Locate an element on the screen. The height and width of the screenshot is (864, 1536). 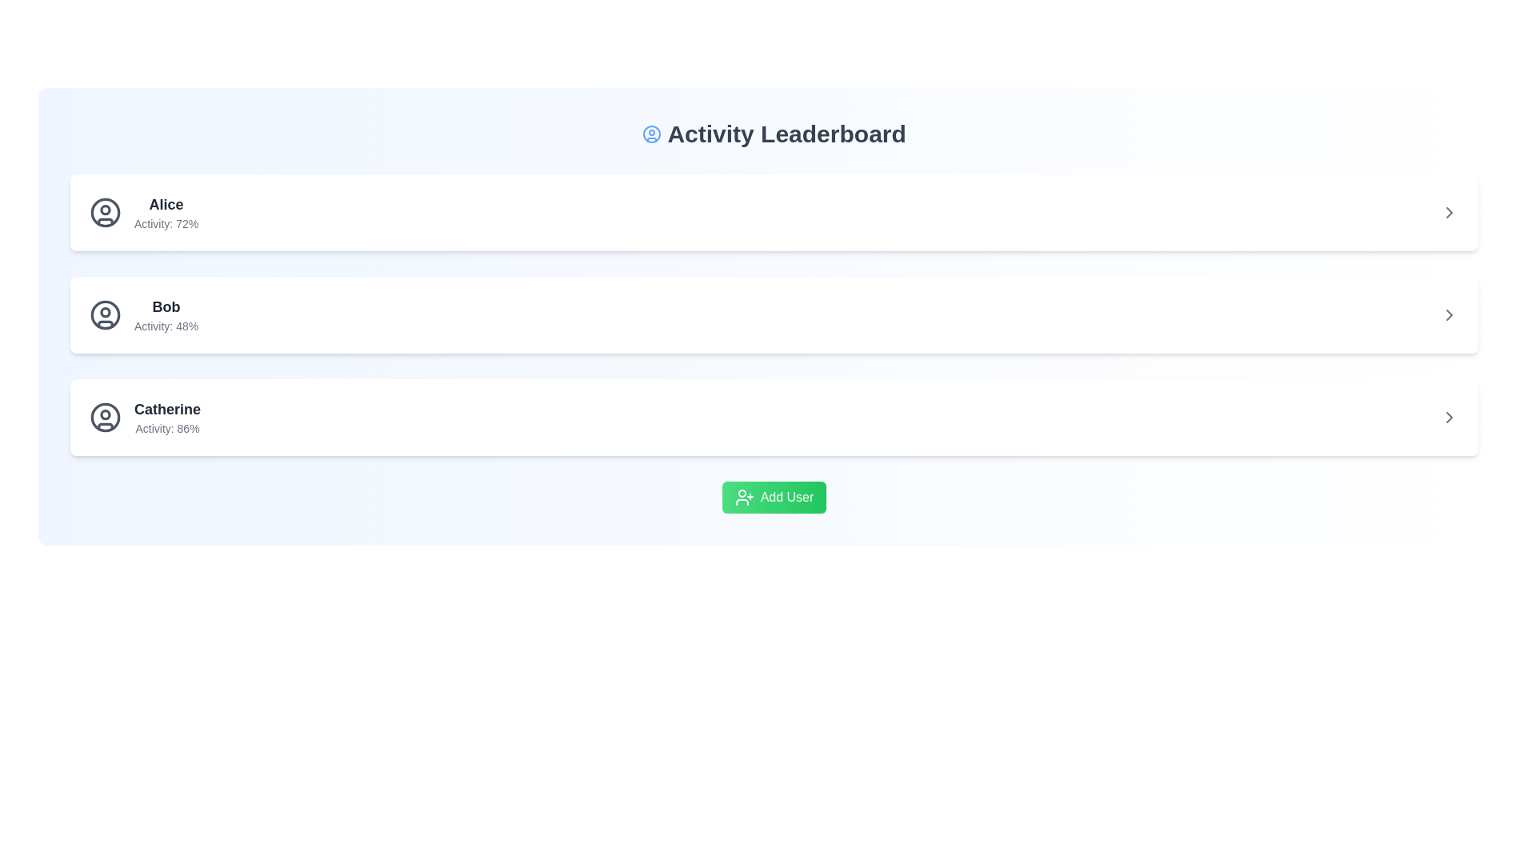
the circular user silhouette icon located to the left of the name 'Alice' is located at coordinates (105, 212).